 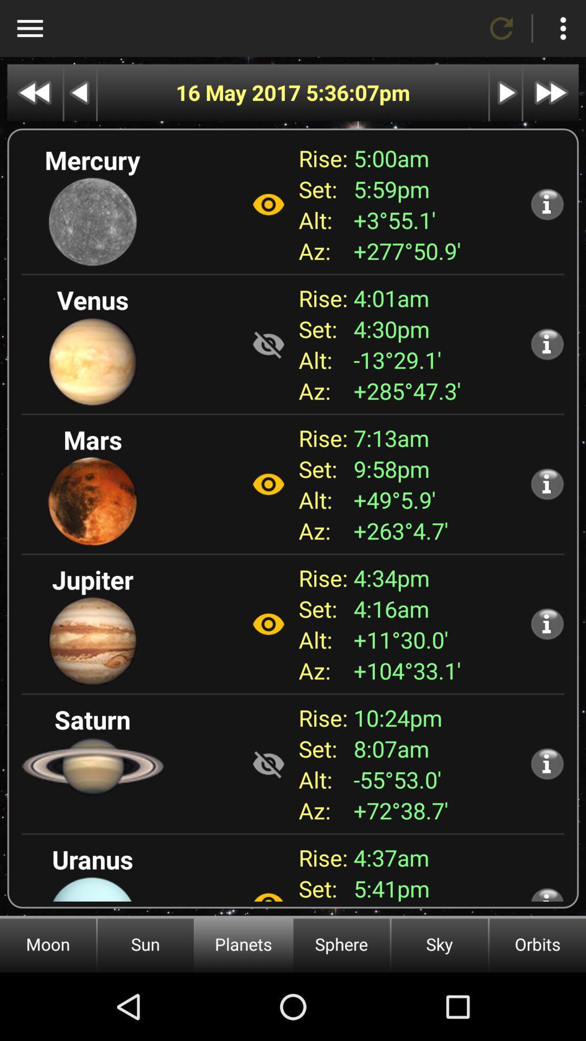 I want to click on show hide option, so click(x=268, y=624).